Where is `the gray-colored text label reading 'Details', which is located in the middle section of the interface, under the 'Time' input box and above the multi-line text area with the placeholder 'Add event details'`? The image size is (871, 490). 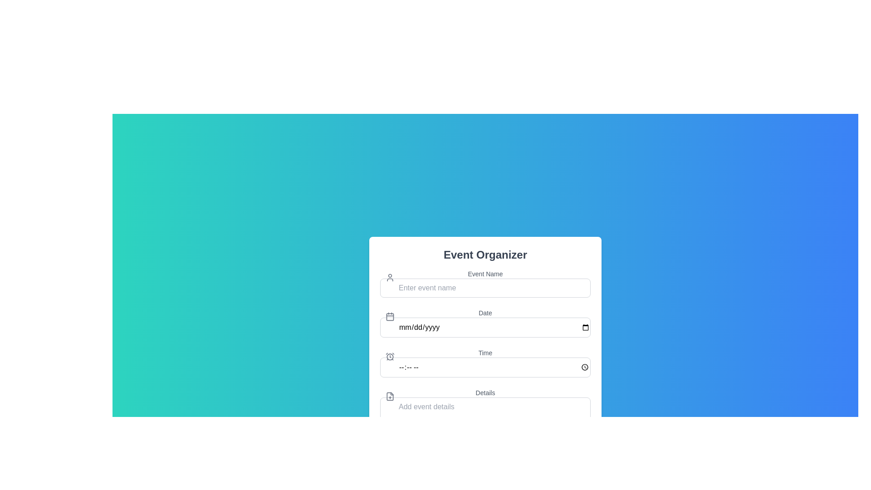 the gray-colored text label reading 'Details', which is located in the middle section of the interface, under the 'Time' input box and above the multi-line text area with the placeholder 'Add event details' is located at coordinates (485, 392).